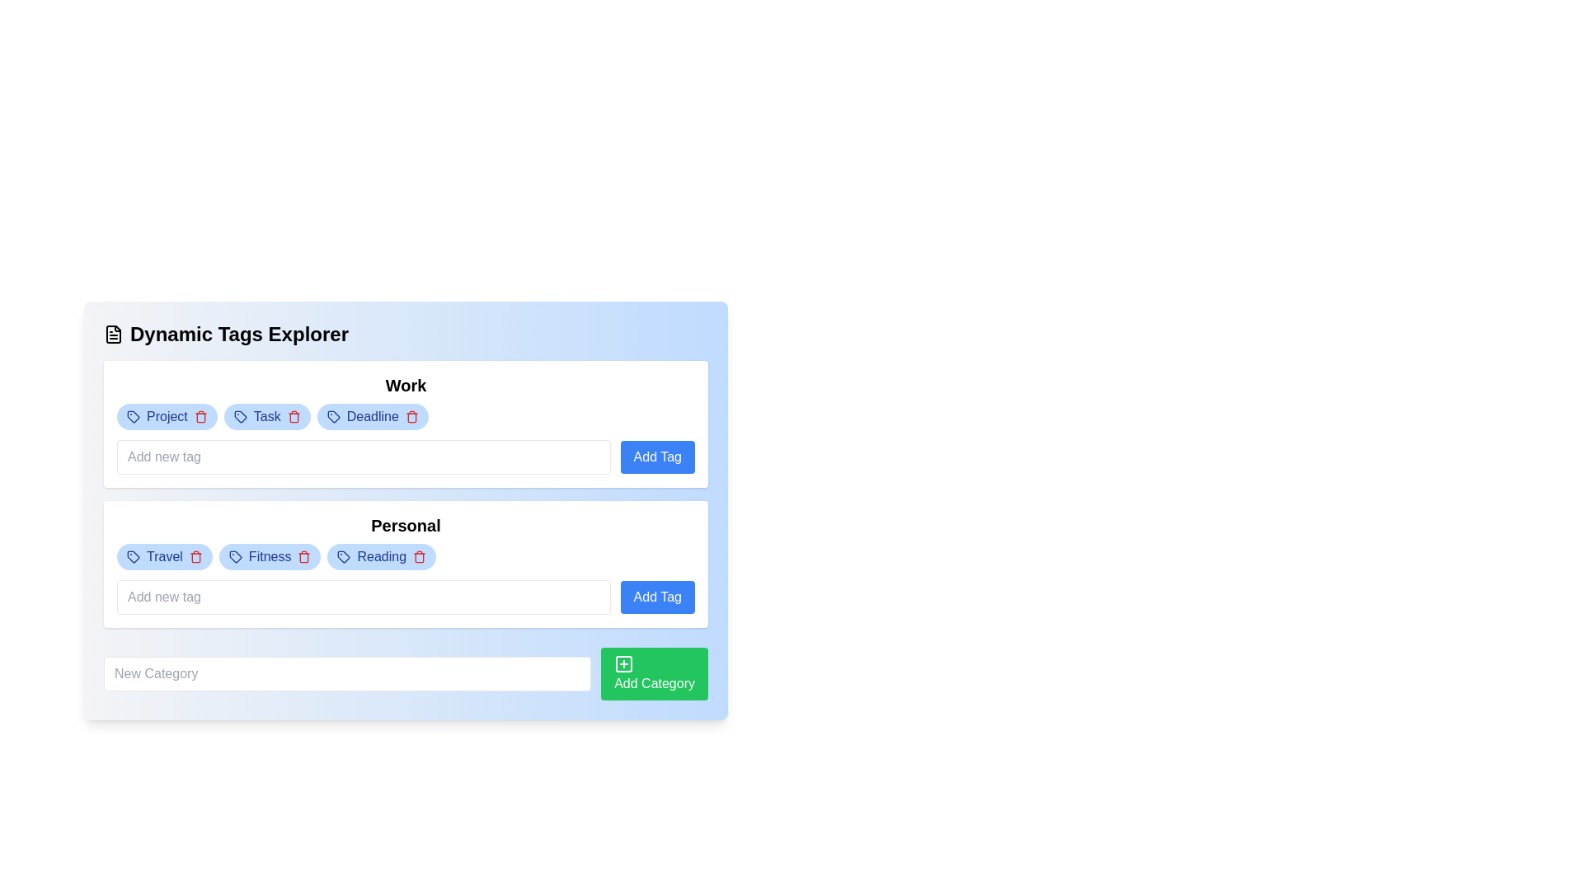 Image resolution: width=1583 pixels, height=890 pixels. I want to click on the pill-shaped tag with a blue background containing the text 'Travel' and a red trash icon, located under the 'Personal' section, so click(164, 556).